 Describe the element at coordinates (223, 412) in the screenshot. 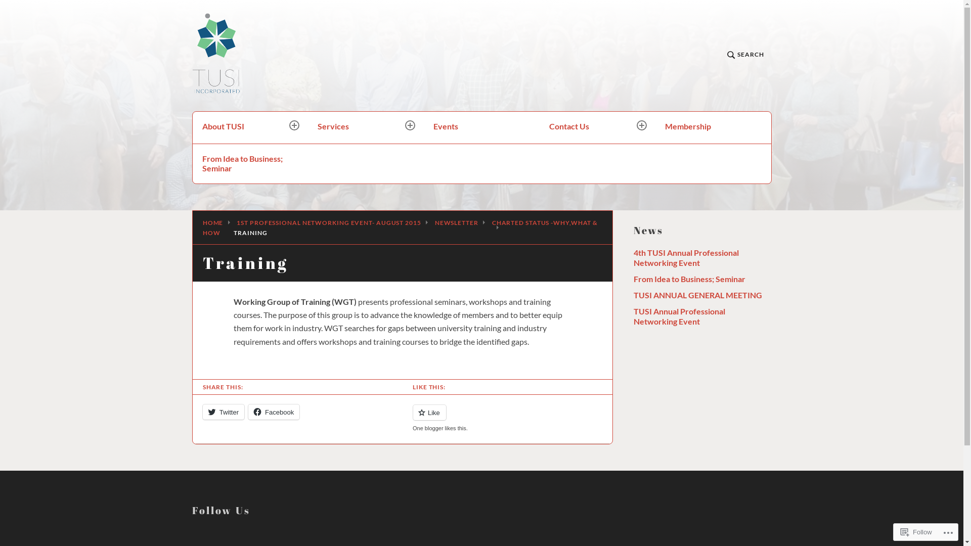

I see `'Twitter'` at that location.